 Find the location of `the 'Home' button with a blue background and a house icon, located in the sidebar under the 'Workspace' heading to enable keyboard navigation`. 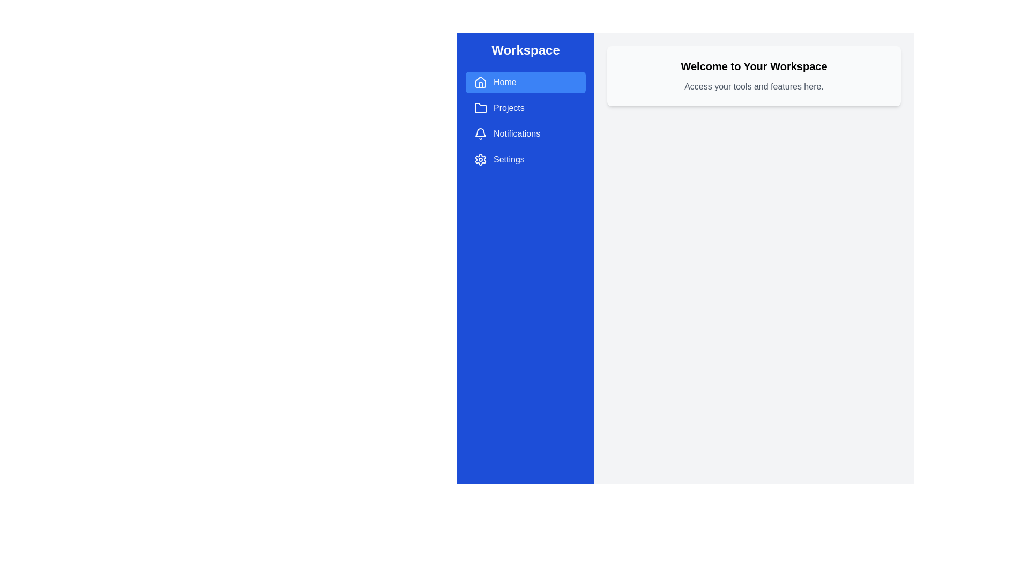

the 'Home' button with a blue background and a house icon, located in the sidebar under the 'Workspace' heading to enable keyboard navigation is located at coordinates (525, 82).